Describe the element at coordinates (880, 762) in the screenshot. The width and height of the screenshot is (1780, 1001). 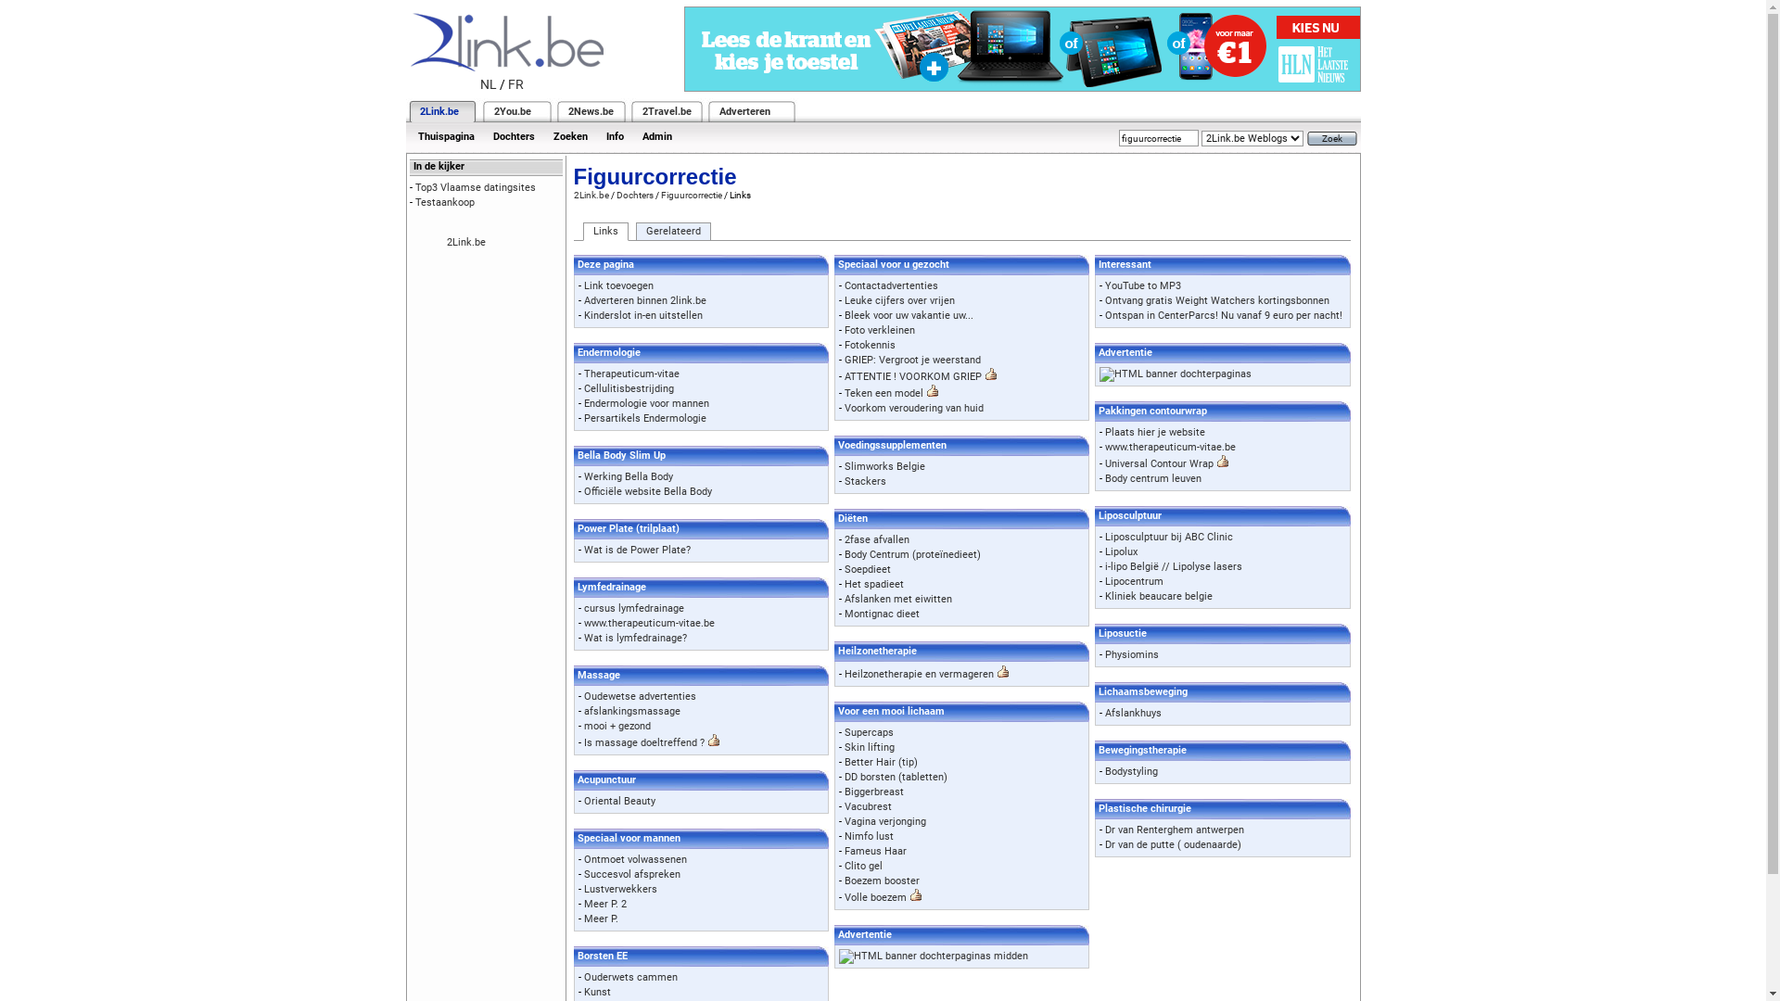
I see `'Better Hair (tip)'` at that location.